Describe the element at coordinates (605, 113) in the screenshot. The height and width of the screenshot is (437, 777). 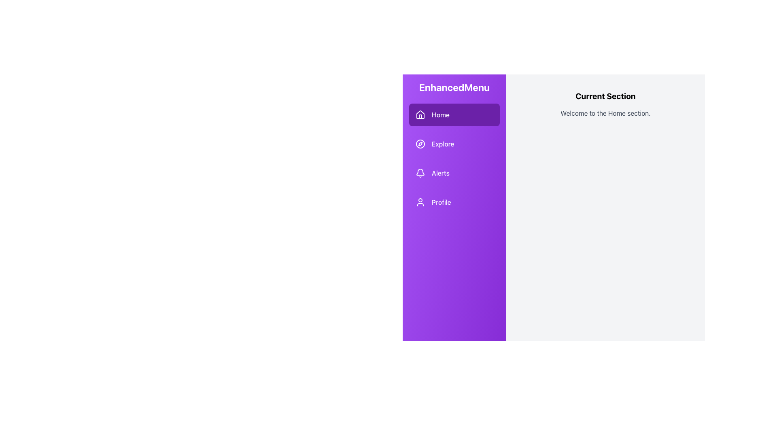
I see `text content of the Static Text Label that displays 'Welcome to the Home section.' positioned centrally below the 'Current Section' title` at that location.